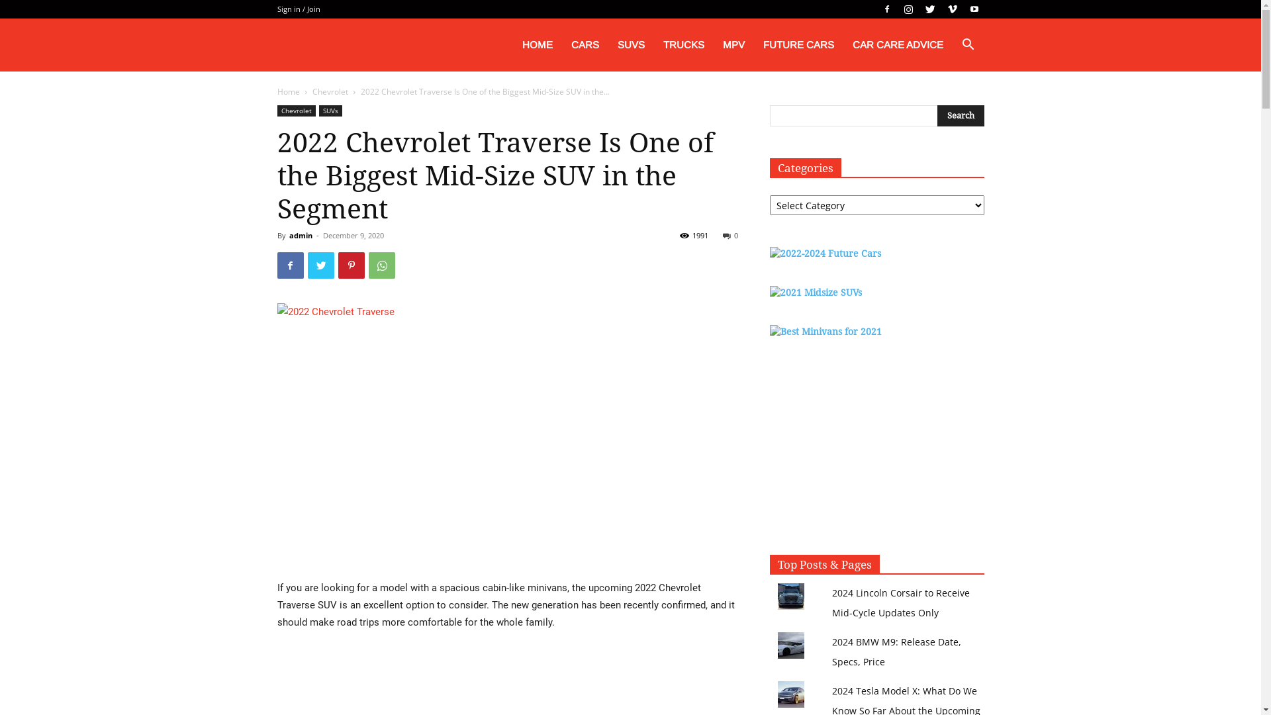  Describe the element at coordinates (722, 234) in the screenshot. I see `'0'` at that location.